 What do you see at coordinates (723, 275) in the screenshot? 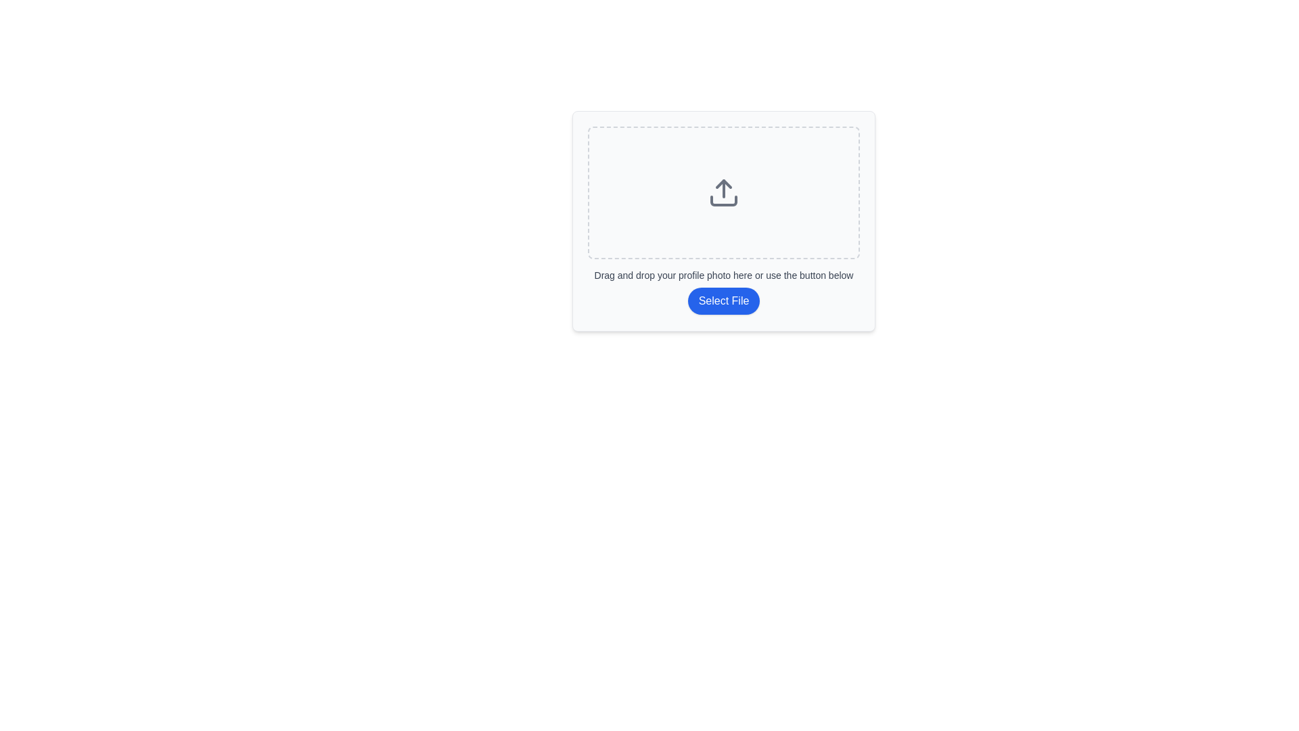
I see `the text description that instructs users to drag and drop their profile photo or use the 'Select File' button, which is located beneath the upload icon and above the clickable button` at bounding box center [723, 275].